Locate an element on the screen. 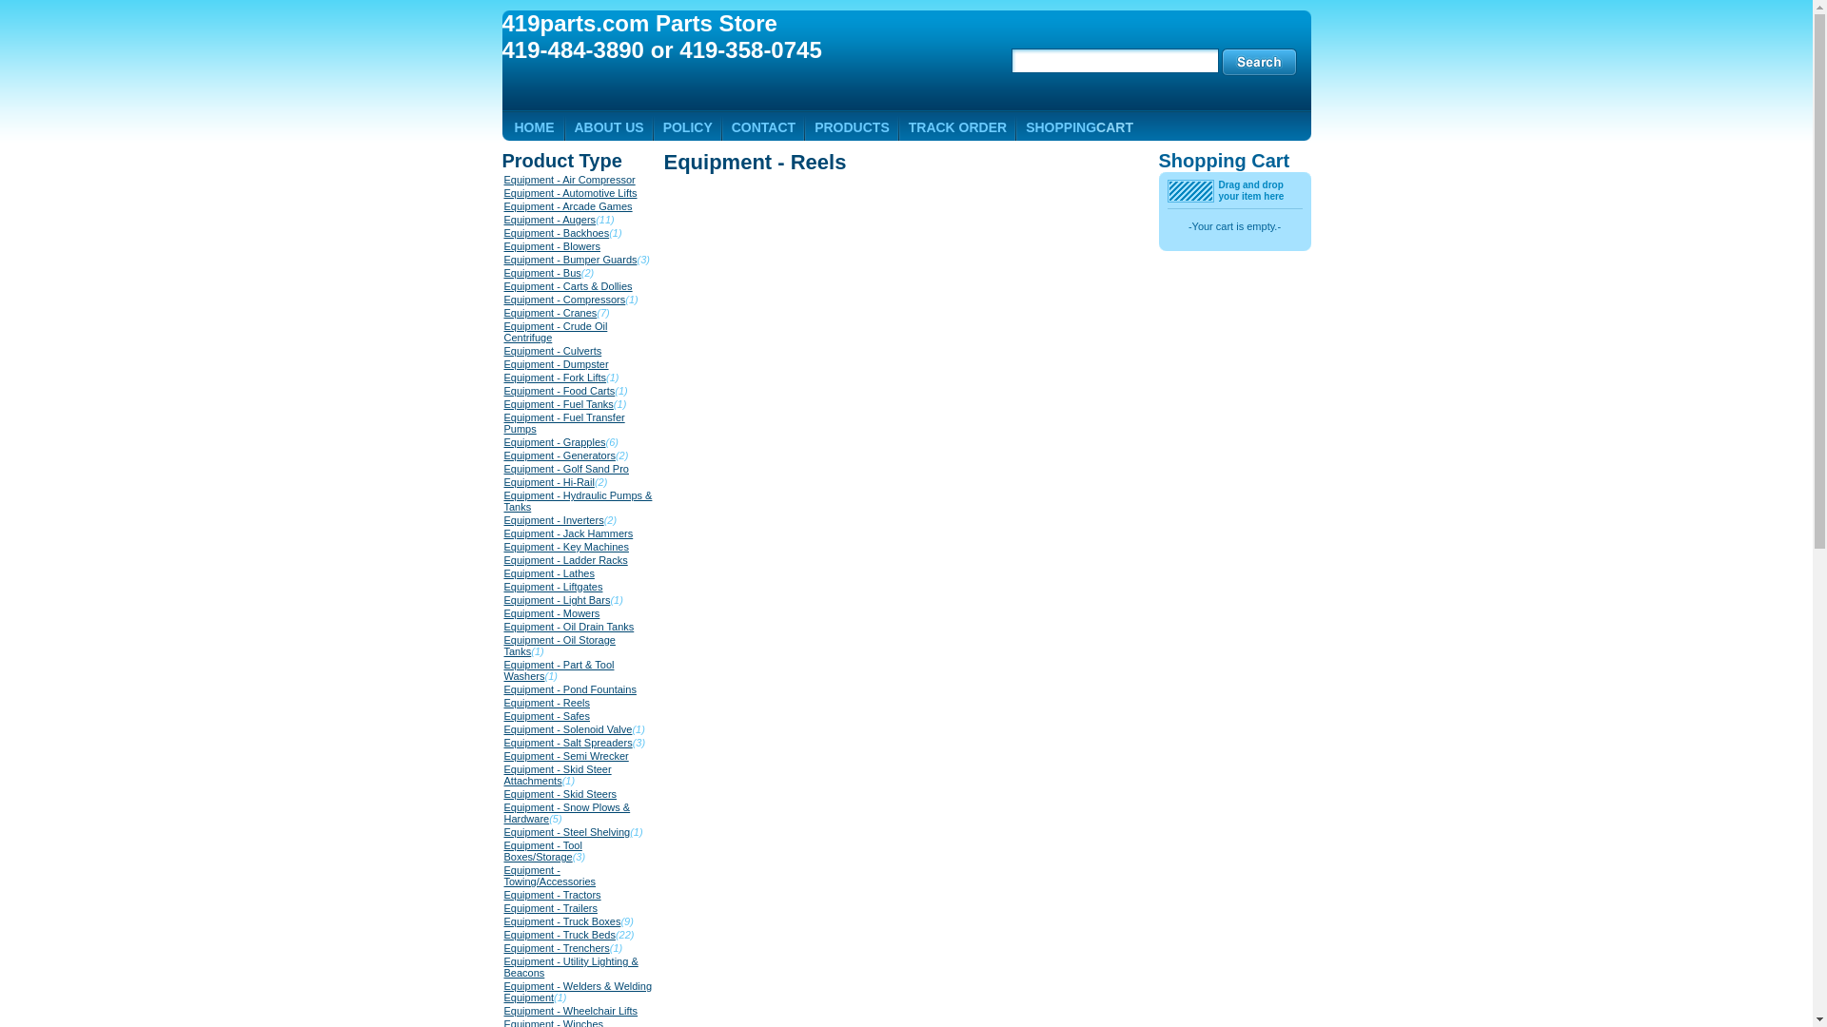 The image size is (1827, 1027). 'Equipment - Fork Lifts' is located at coordinates (555, 378).